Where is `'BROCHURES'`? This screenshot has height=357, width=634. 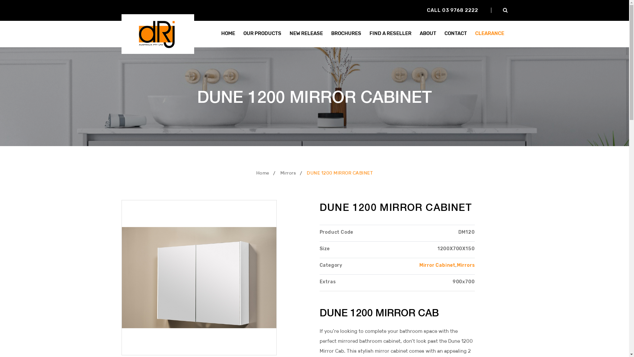 'BROCHURES' is located at coordinates (346, 33).